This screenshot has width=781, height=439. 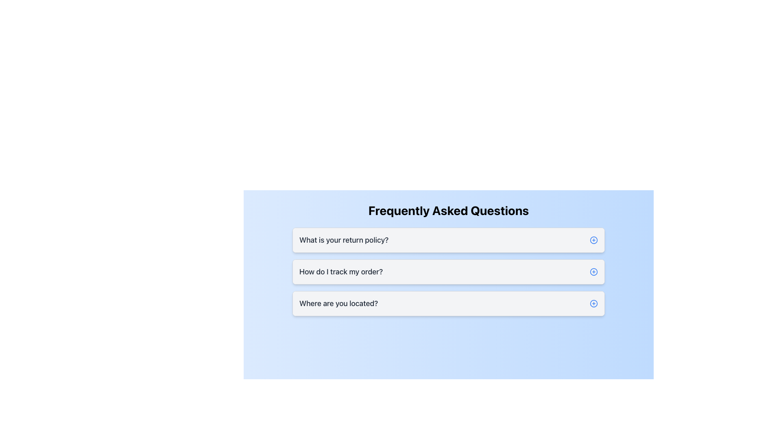 I want to click on the right-aligned button in the FAQ section for the question 'How do I track my order?', so click(x=593, y=272).